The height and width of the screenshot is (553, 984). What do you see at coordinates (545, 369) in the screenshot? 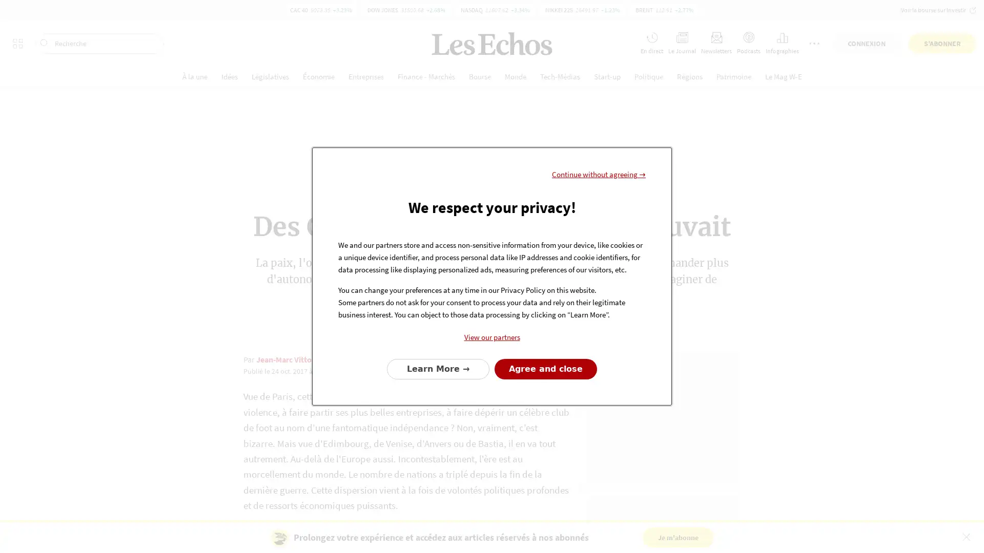
I see `Agree to our data processing and close` at bounding box center [545, 369].